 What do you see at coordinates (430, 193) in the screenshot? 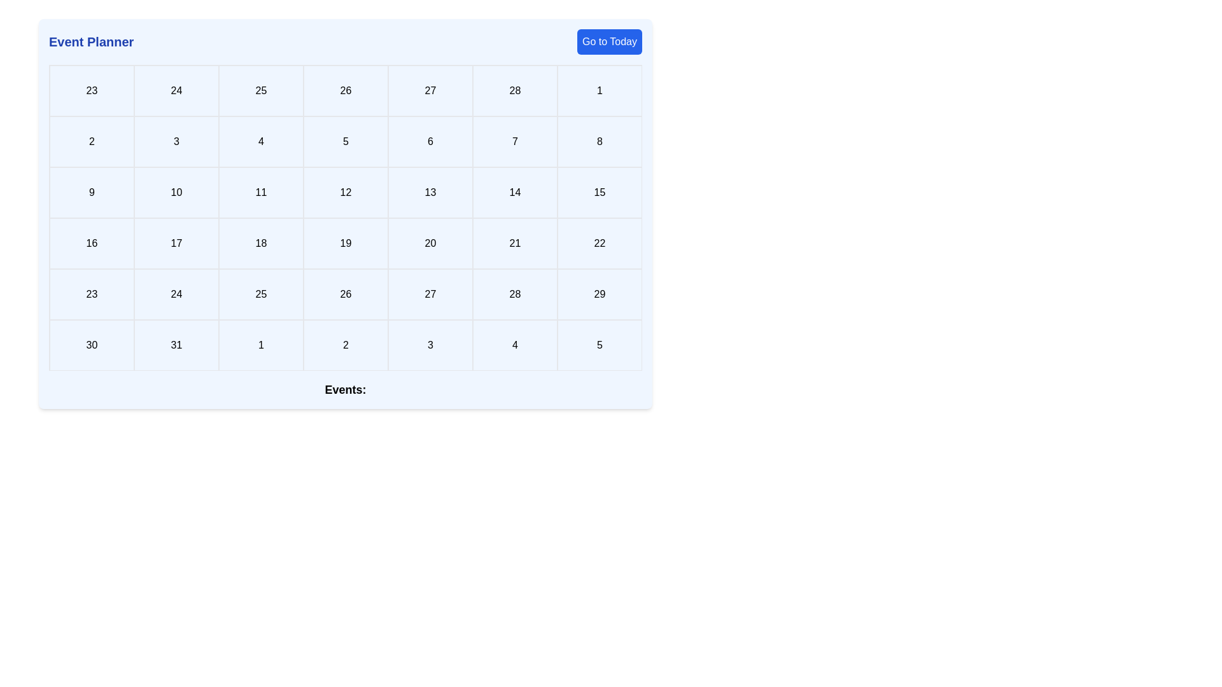
I see `to select the sixth day cell in the third row of the calendar interface` at bounding box center [430, 193].